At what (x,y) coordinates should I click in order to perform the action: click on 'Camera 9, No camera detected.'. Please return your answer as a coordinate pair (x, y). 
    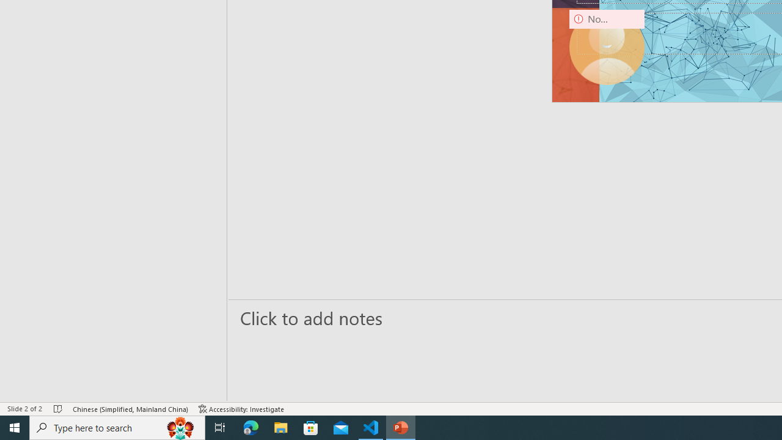
    Looking at the image, I should click on (607, 46).